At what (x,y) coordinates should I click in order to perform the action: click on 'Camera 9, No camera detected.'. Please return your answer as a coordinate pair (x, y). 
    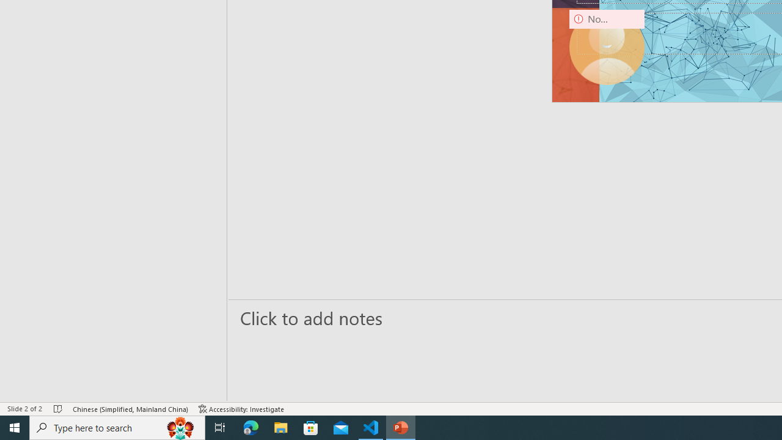
    Looking at the image, I should click on (607, 46).